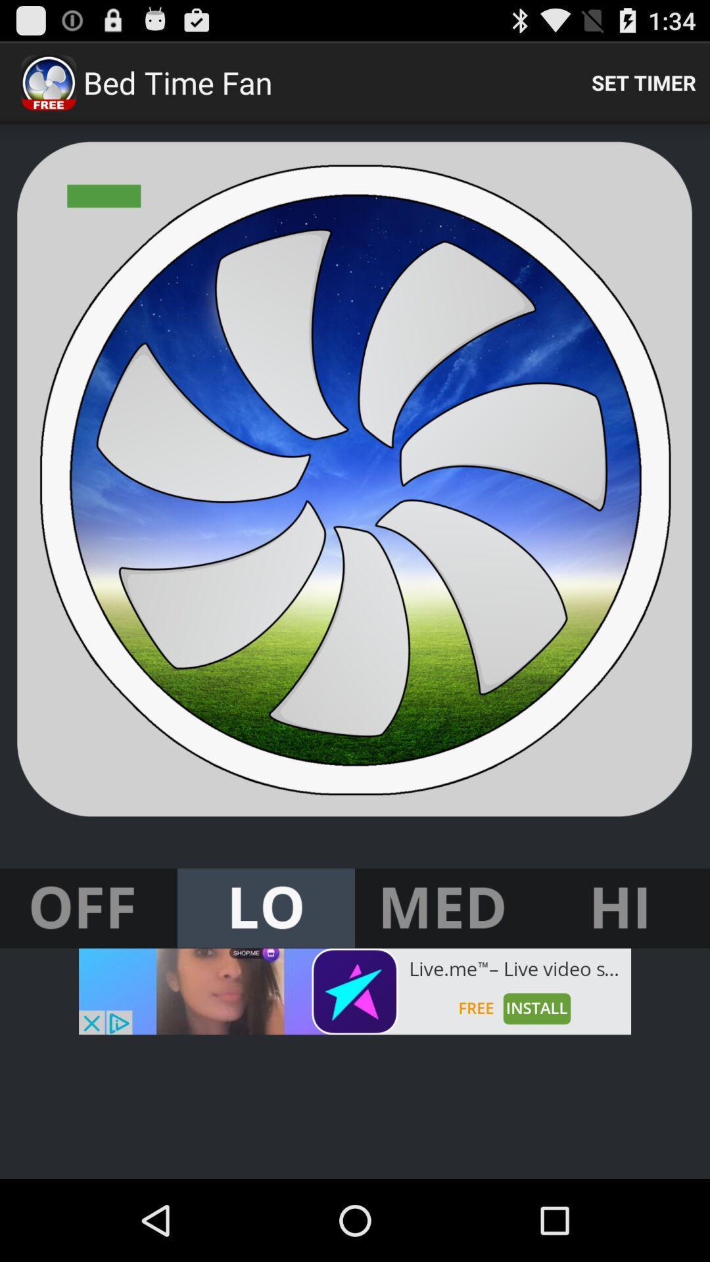 The height and width of the screenshot is (1262, 710). What do you see at coordinates (89, 908) in the screenshot?
I see `turn off` at bounding box center [89, 908].